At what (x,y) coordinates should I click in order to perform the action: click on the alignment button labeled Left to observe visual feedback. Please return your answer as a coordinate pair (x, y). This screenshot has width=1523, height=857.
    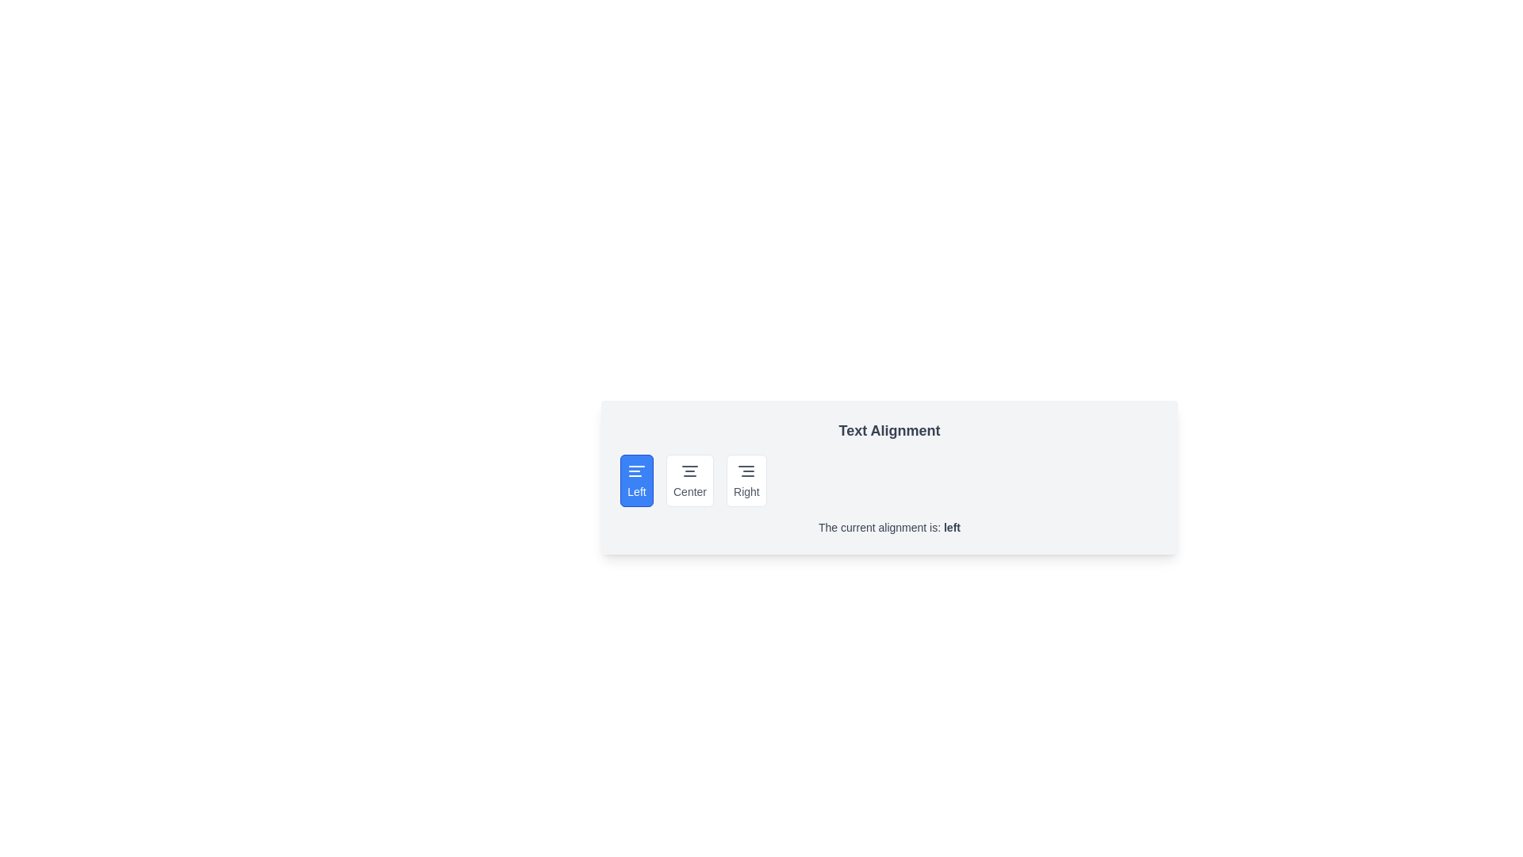
    Looking at the image, I should click on (636, 479).